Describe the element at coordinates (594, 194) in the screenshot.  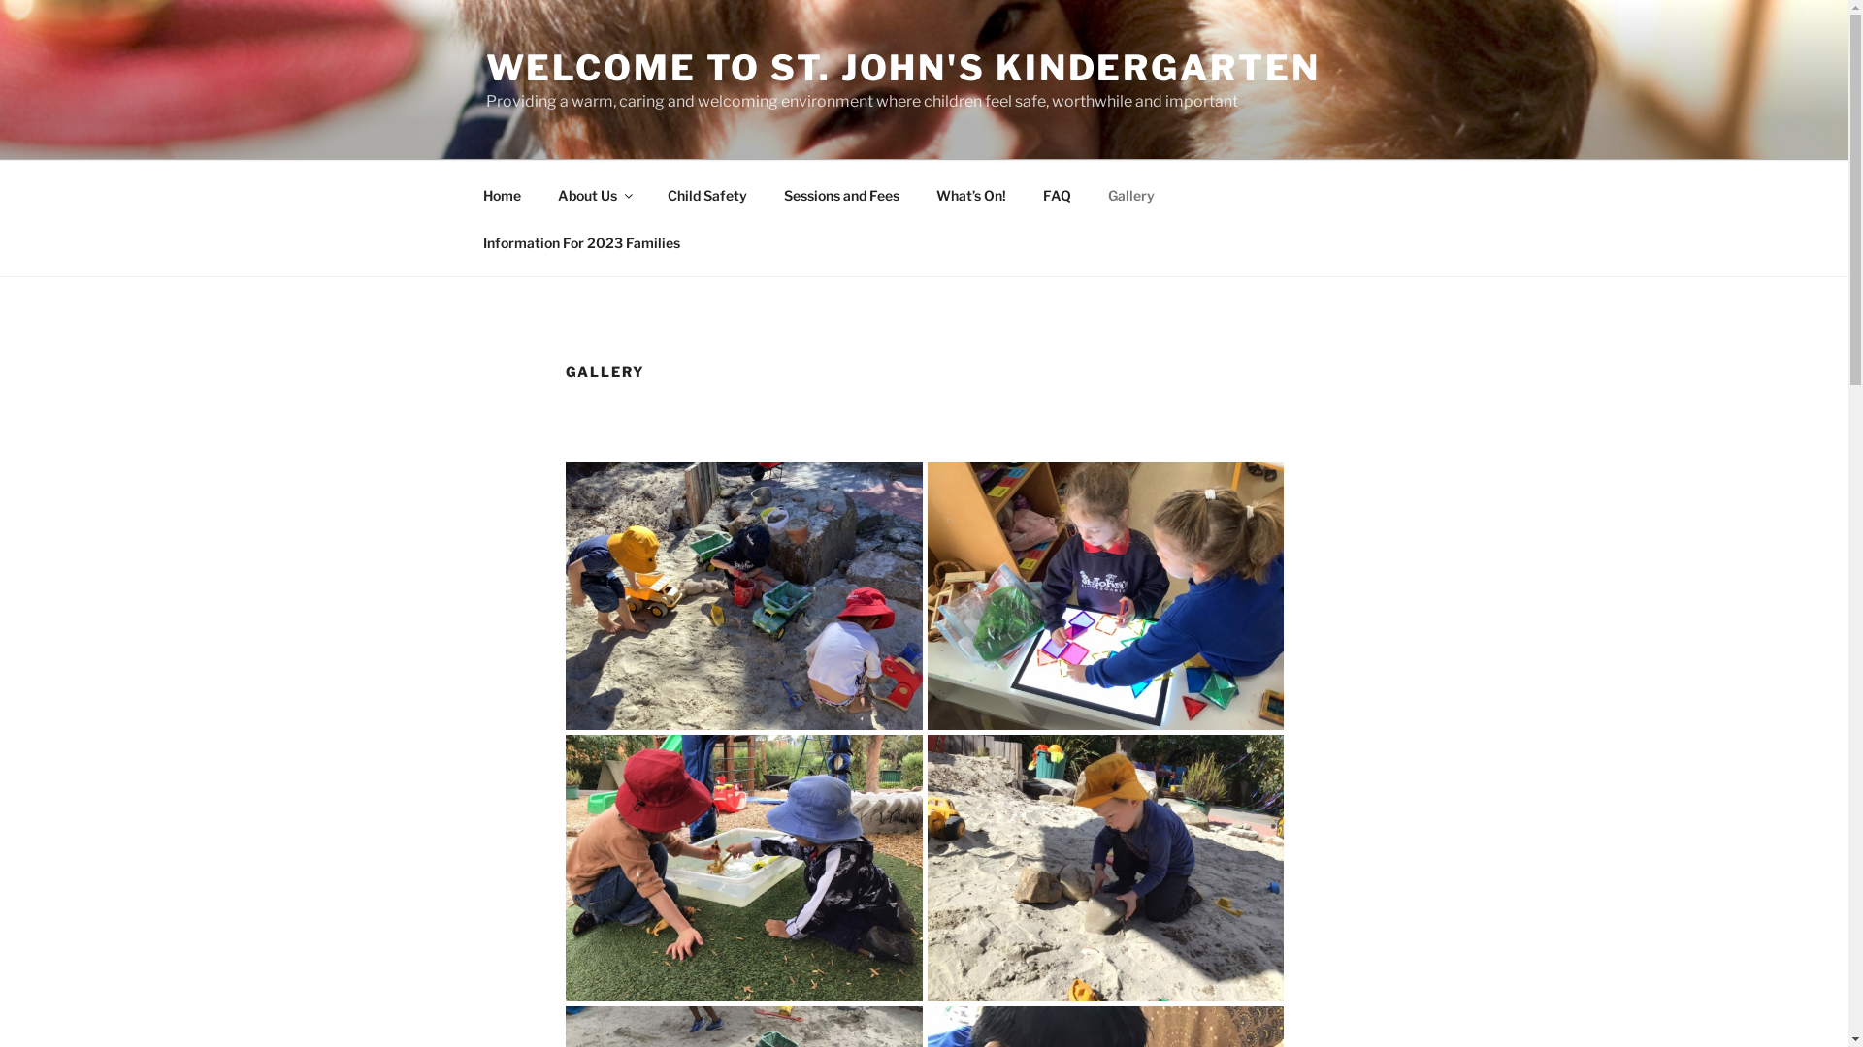
I see `'About Us'` at that location.